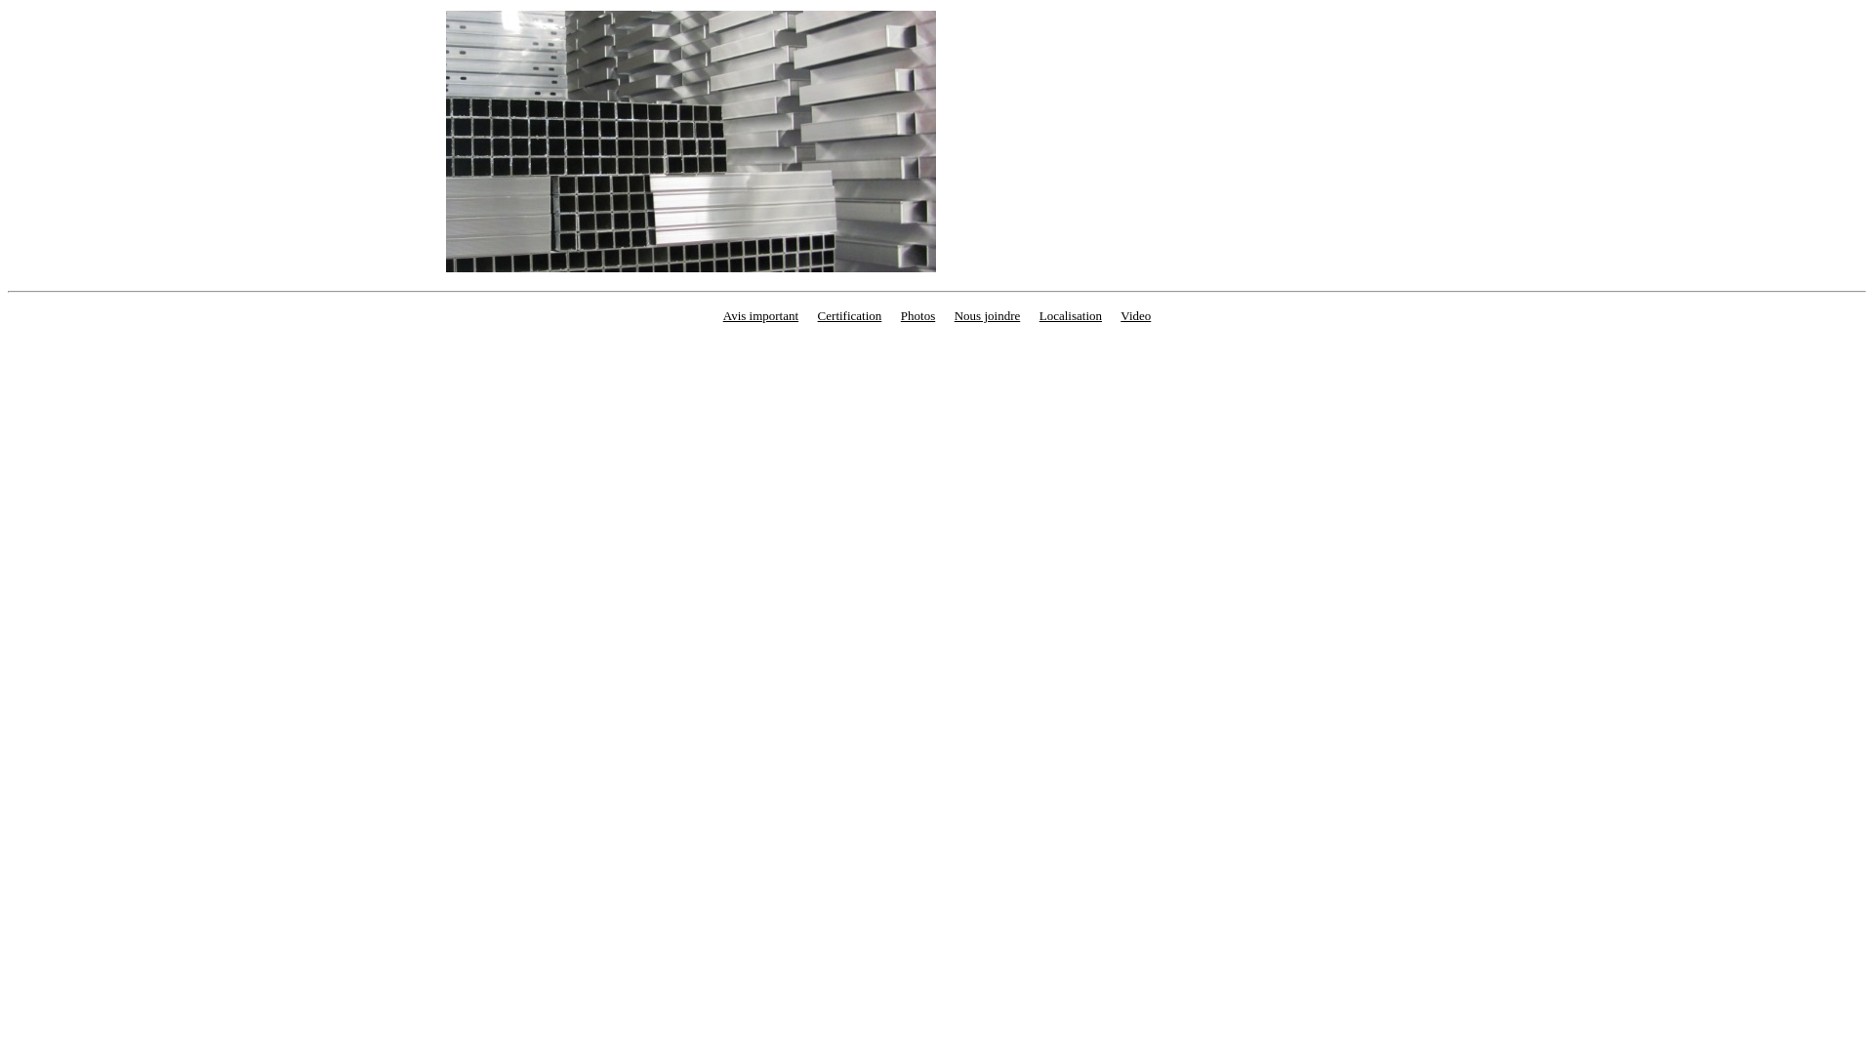 This screenshot has height=1054, width=1874. What do you see at coordinates (849, 314) in the screenshot?
I see `'Certification'` at bounding box center [849, 314].